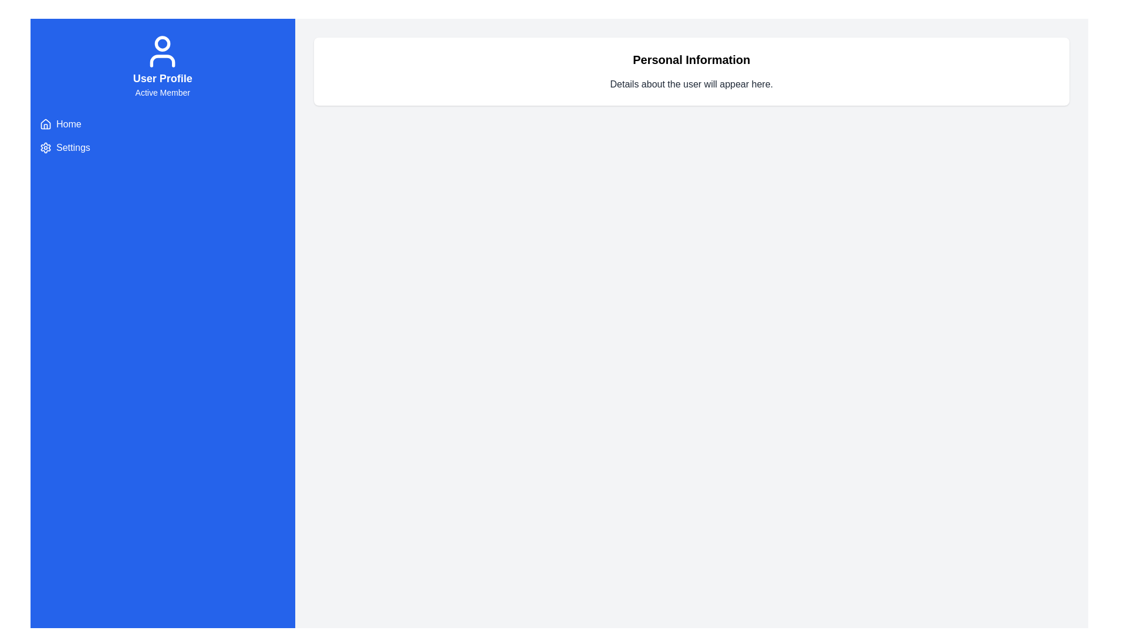 The image size is (1127, 634). Describe the element at coordinates (72, 147) in the screenshot. I see `the 'Settings' hyperlink, which is a text label styled with white text and an underline effect on hover, located in the sidebar beneath the 'Home' link` at that location.